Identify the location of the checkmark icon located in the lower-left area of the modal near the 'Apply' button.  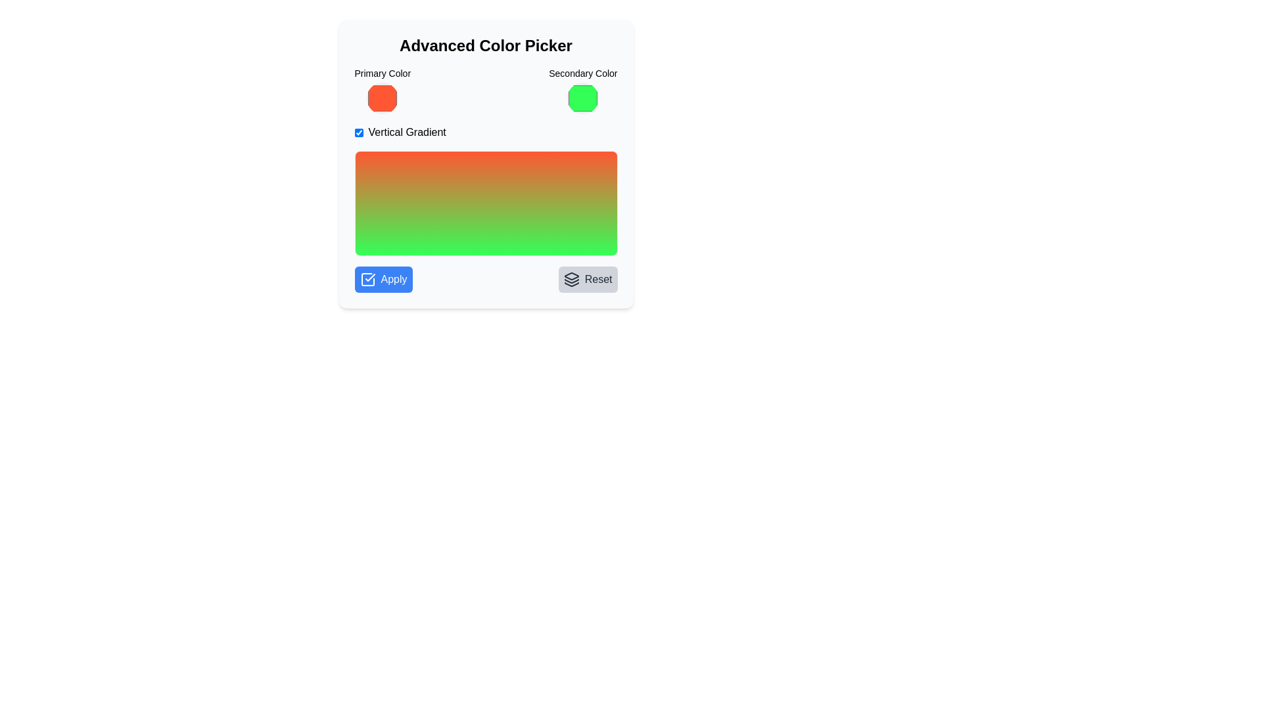
(369, 277).